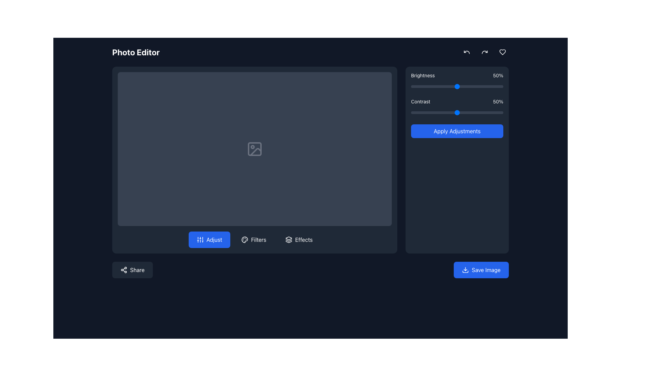 The height and width of the screenshot is (371, 661). Describe the element at coordinates (467, 52) in the screenshot. I see `the circular undo button located in the top-right horizontal toolbar` at that location.